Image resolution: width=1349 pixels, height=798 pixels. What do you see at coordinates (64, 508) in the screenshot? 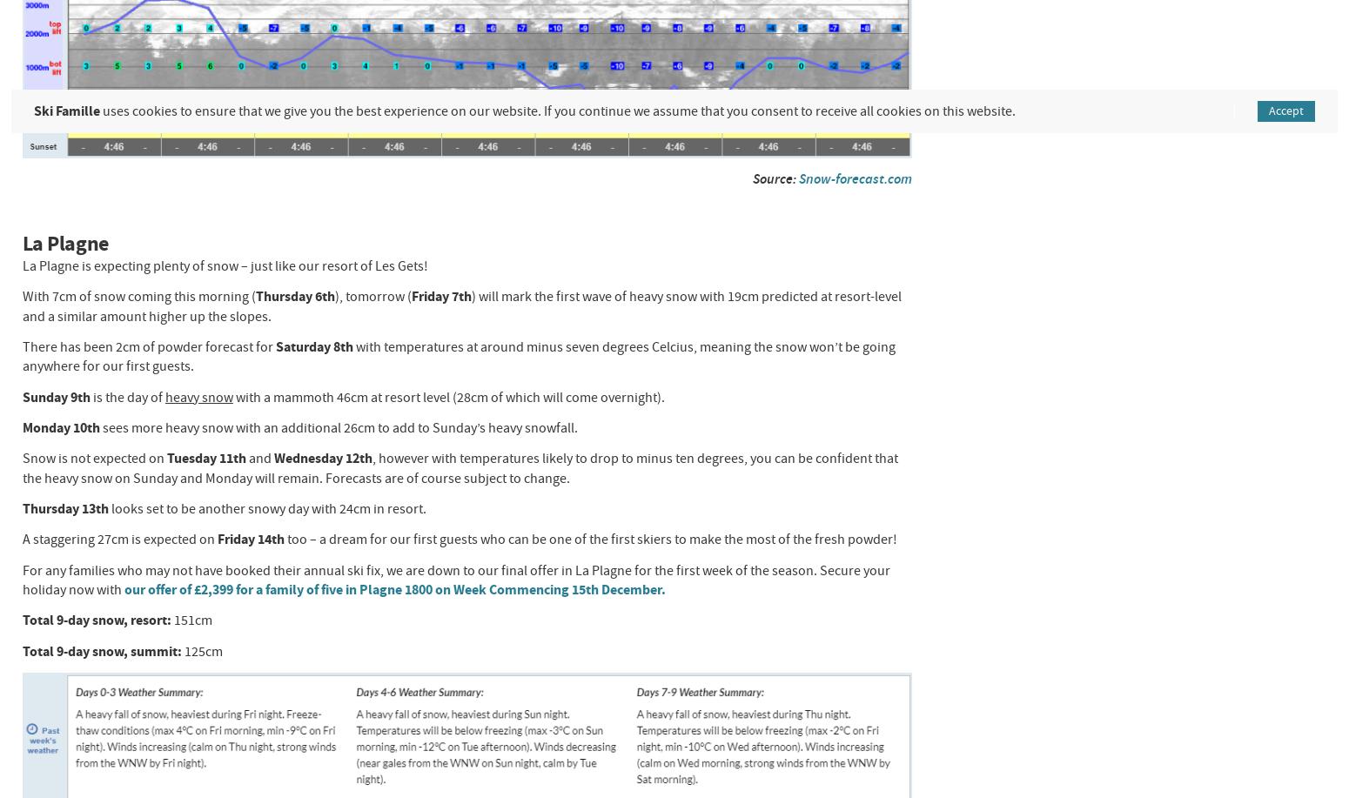
I see `'Thursday 13th'` at bounding box center [64, 508].